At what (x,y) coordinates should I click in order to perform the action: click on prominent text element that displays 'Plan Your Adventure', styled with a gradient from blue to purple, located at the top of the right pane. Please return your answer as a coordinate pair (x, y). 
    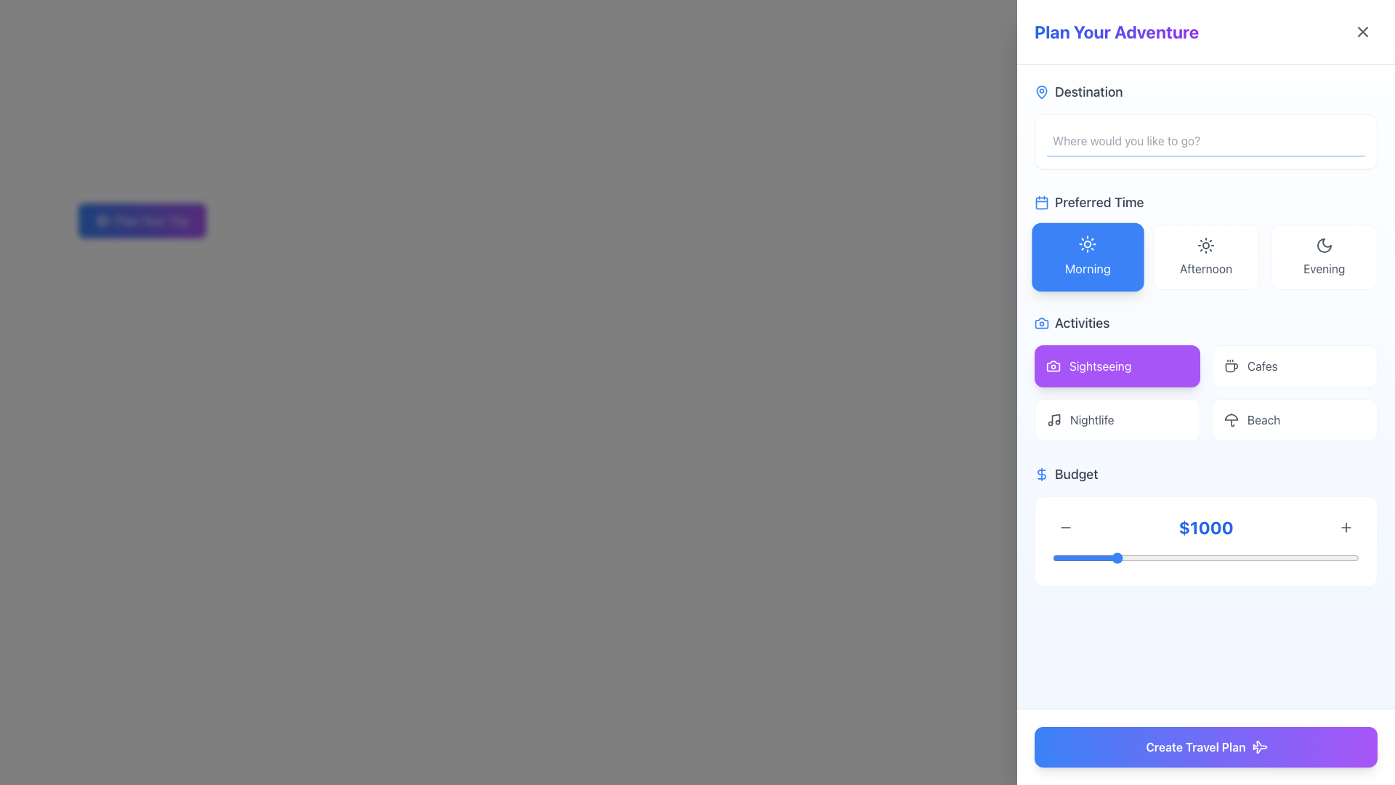
    Looking at the image, I should click on (1116, 31).